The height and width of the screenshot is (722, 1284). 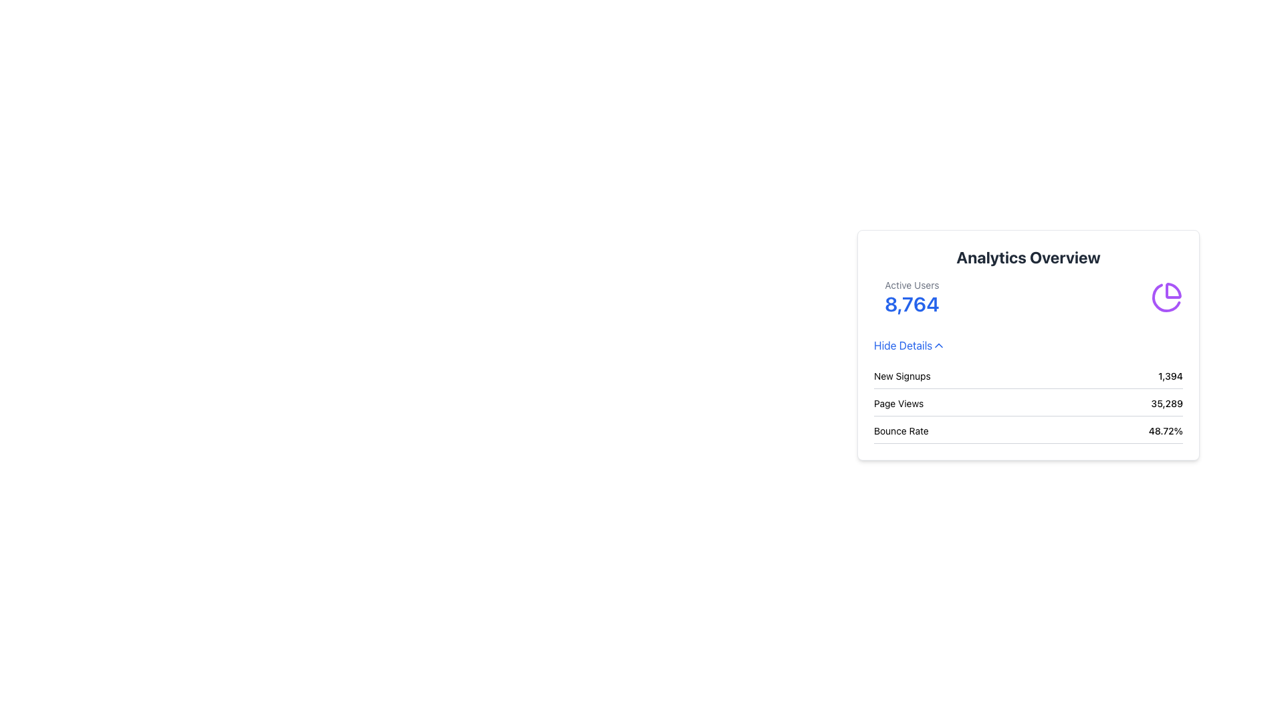 What do you see at coordinates (911, 285) in the screenshot?
I see `static text label displaying 'Active Users' located above the numeric value in the 'Analytics Overview' section` at bounding box center [911, 285].